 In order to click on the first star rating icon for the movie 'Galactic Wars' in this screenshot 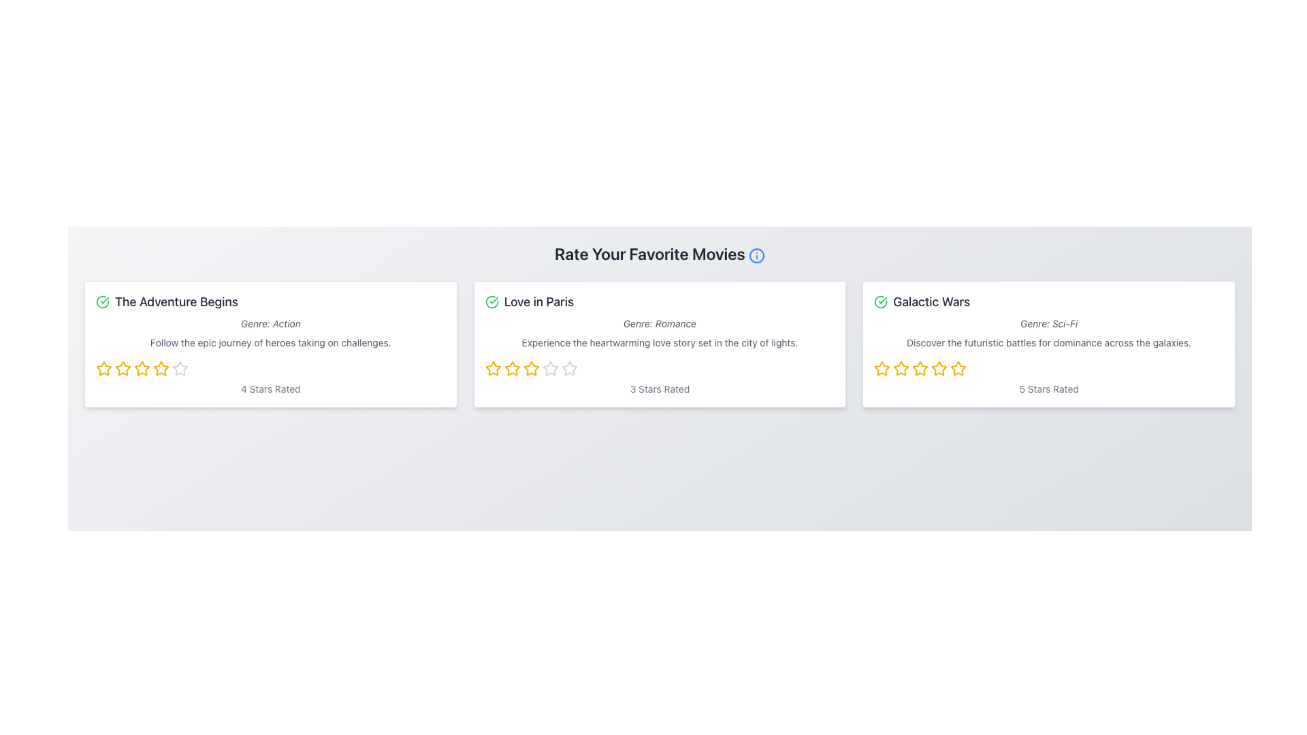, I will do `click(882, 368)`.